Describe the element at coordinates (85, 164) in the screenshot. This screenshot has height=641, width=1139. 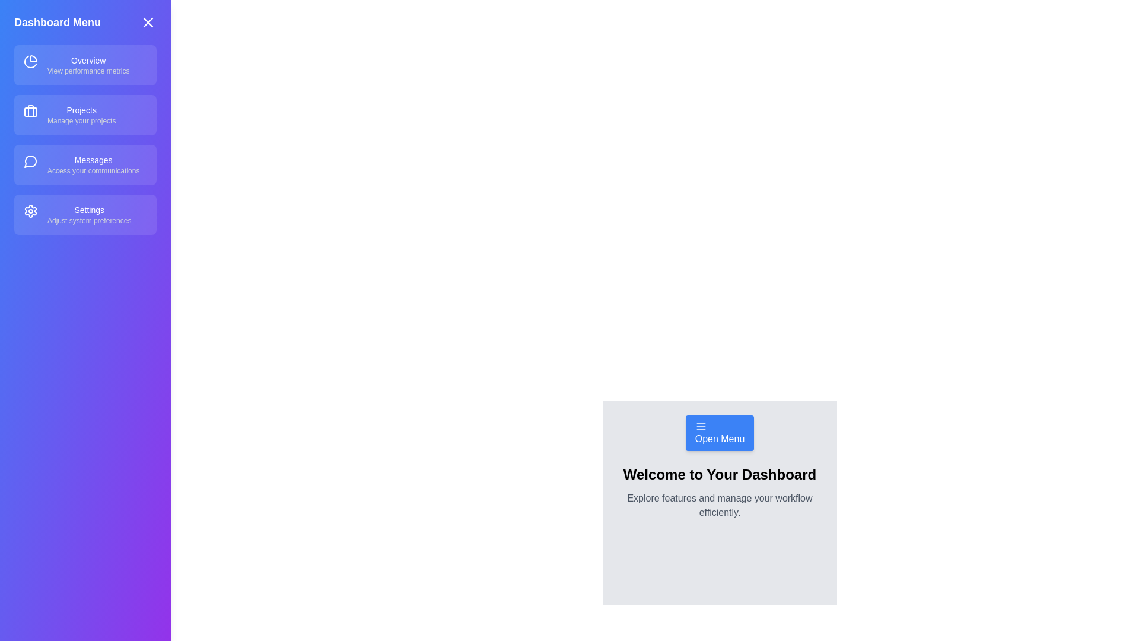
I see `the menu item labeled Messages` at that location.